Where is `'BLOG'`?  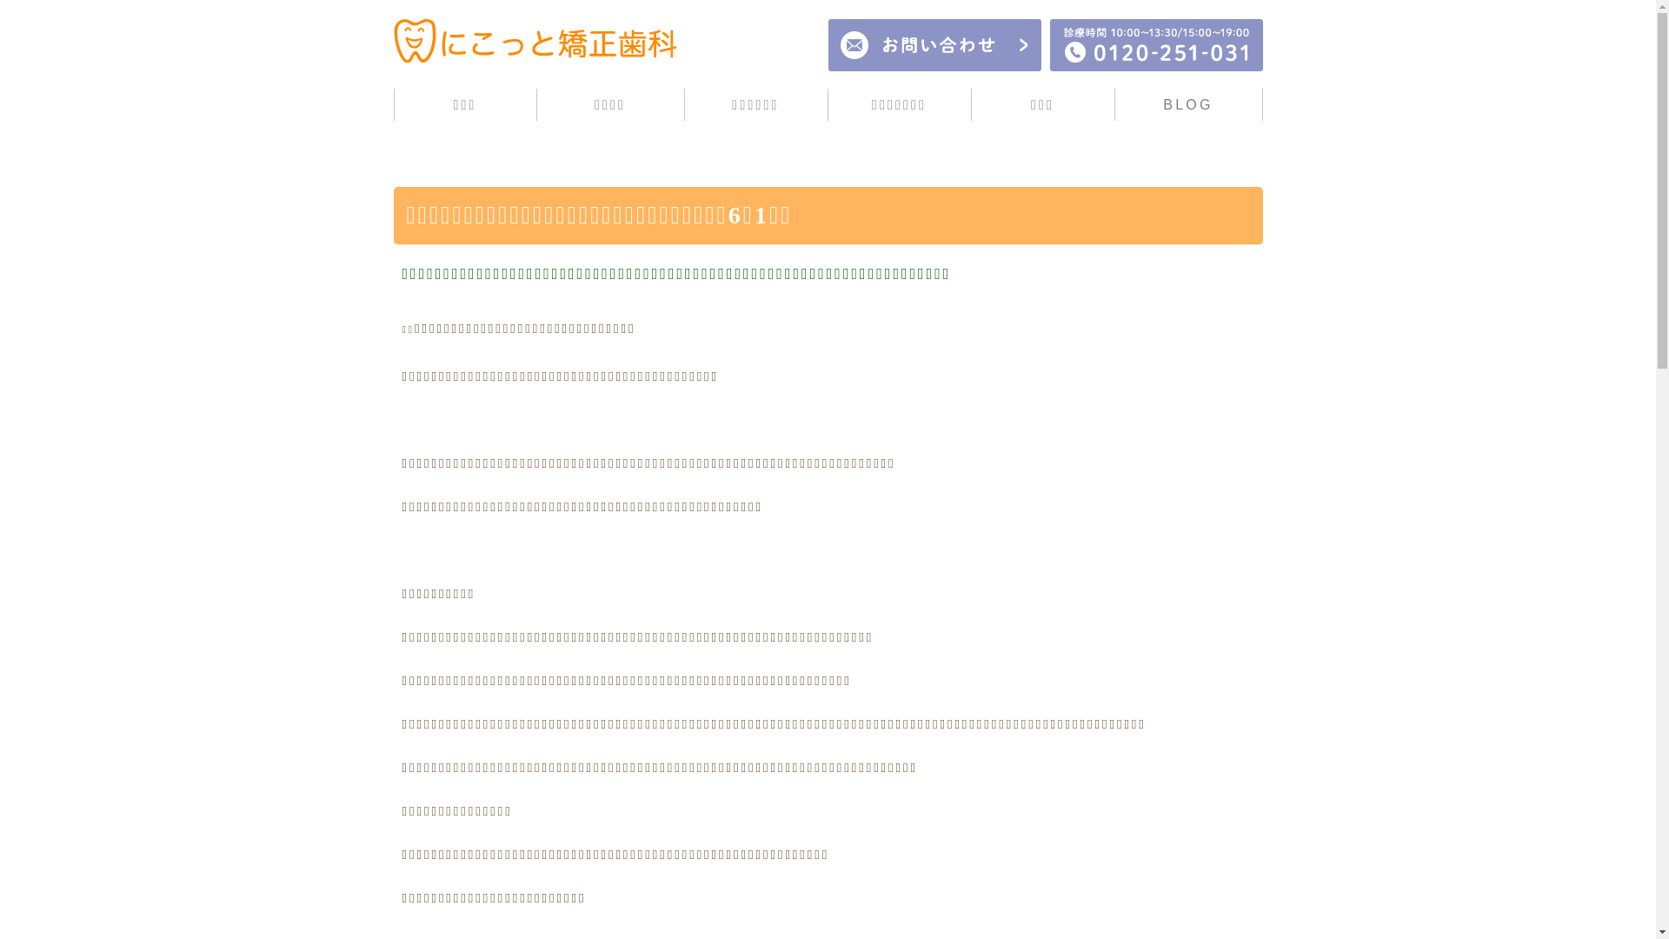
'BLOG' is located at coordinates (1114, 104).